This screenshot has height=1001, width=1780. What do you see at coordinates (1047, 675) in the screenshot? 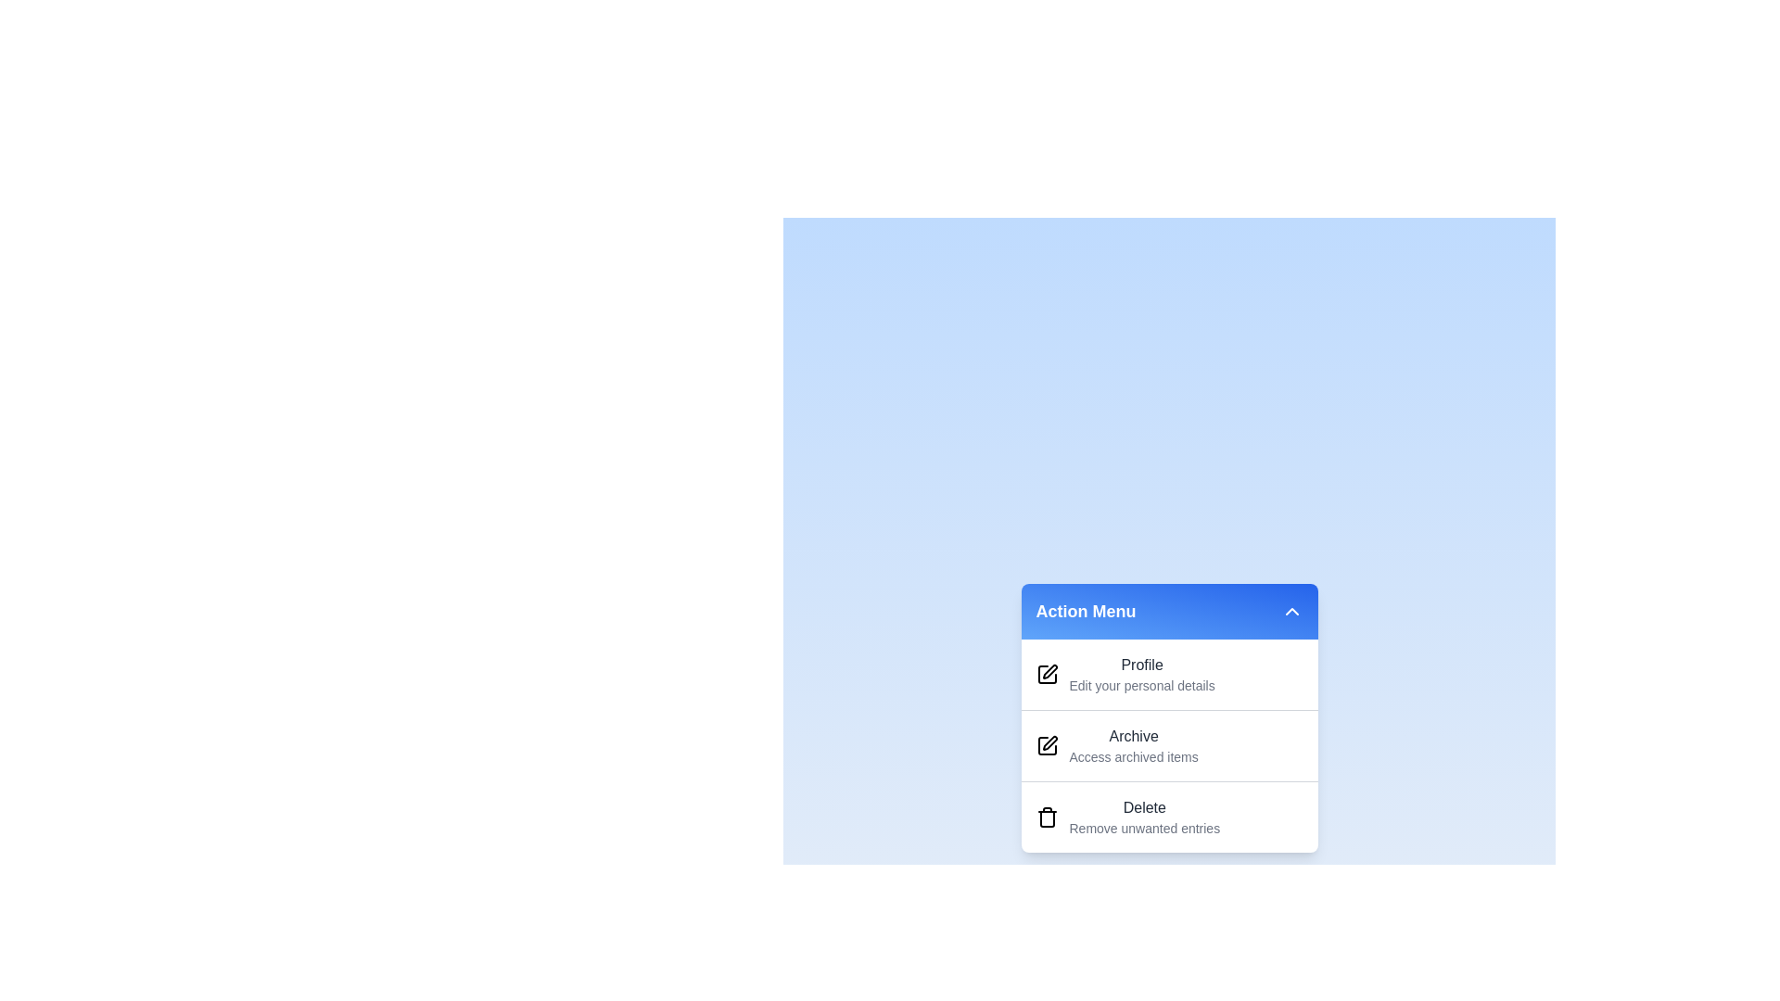
I see `the icon of the menu item labeled 'Profile'` at bounding box center [1047, 675].